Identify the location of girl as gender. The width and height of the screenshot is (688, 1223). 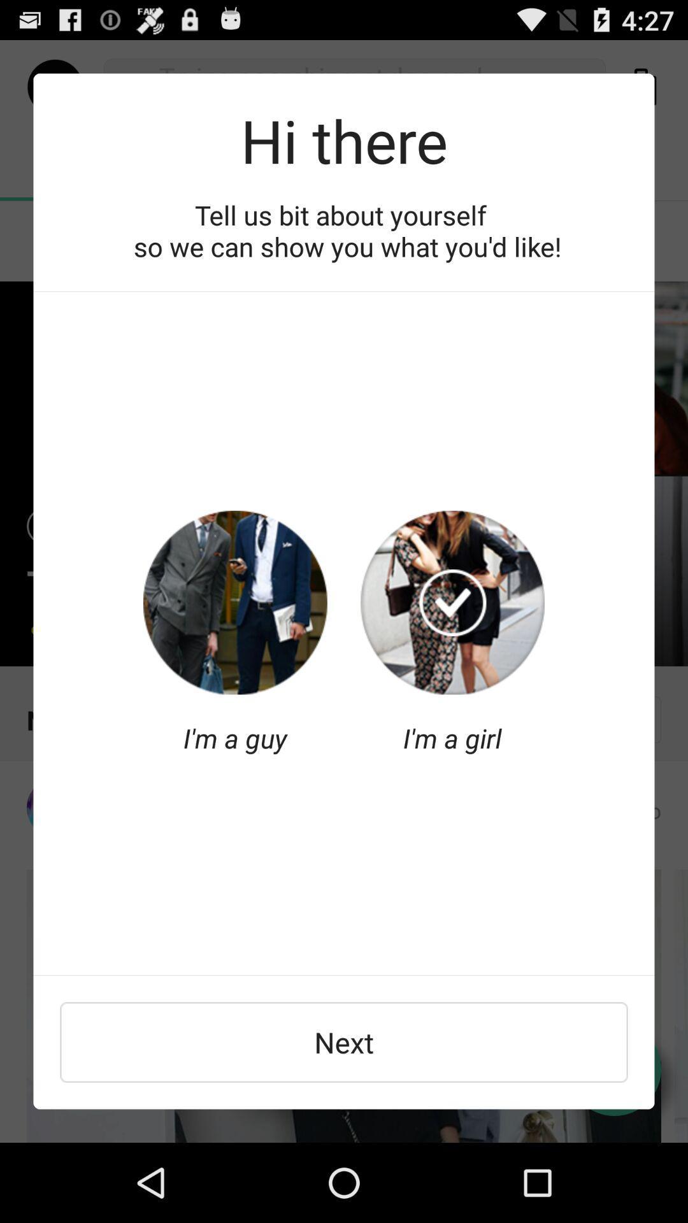
(452, 602).